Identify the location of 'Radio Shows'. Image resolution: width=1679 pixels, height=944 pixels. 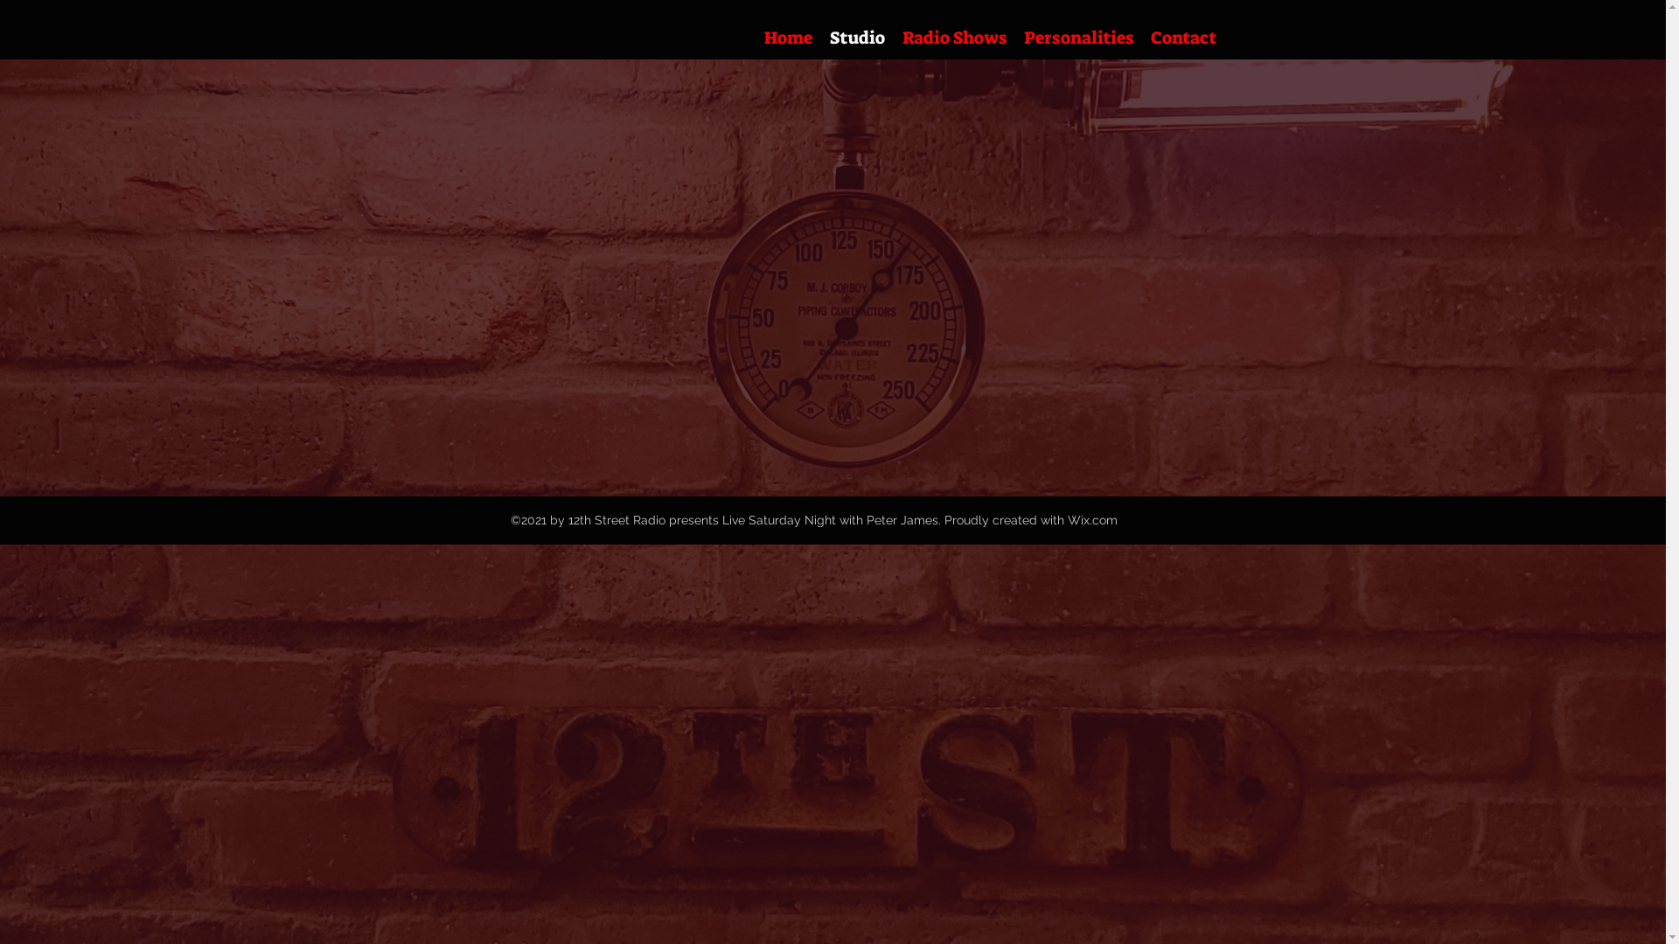
(953, 37).